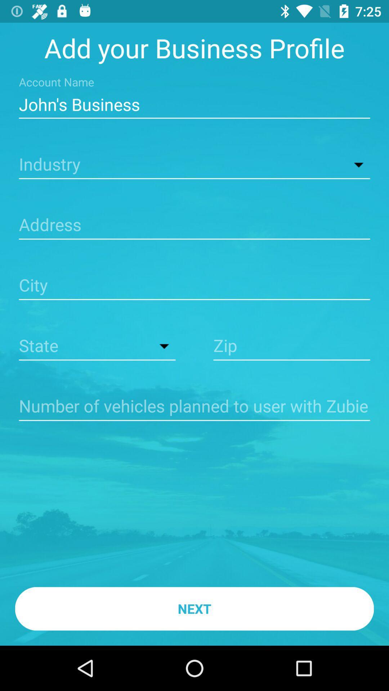 This screenshot has height=691, width=389. What do you see at coordinates (194, 225) in the screenshot?
I see `address` at bounding box center [194, 225].